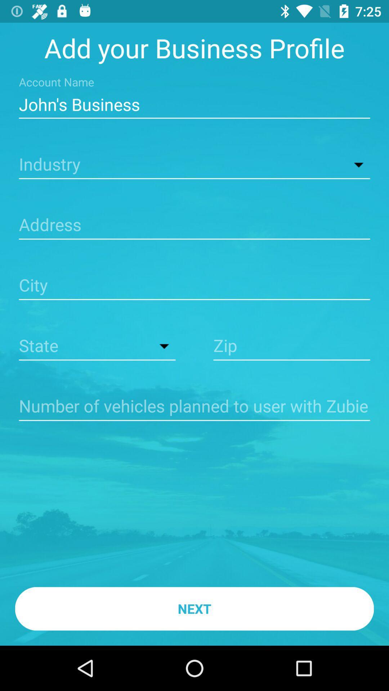 This screenshot has height=691, width=389. What do you see at coordinates (194, 225) in the screenshot?
I see `address` at bounding box center [194, 225].